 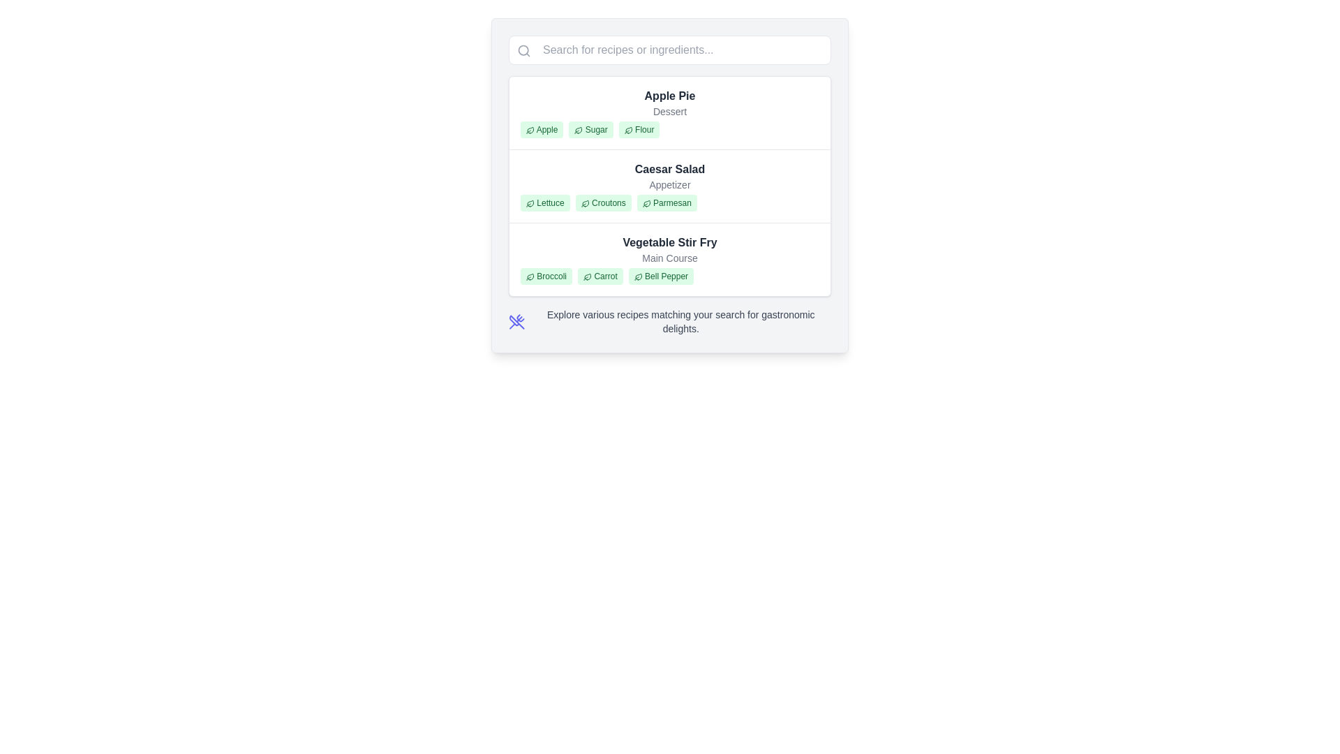 I want to click on the tag/label element representing 'Broccoli' under the 'Vegetable Stir Fry' section to interact with it, so click(x=545, y=276).